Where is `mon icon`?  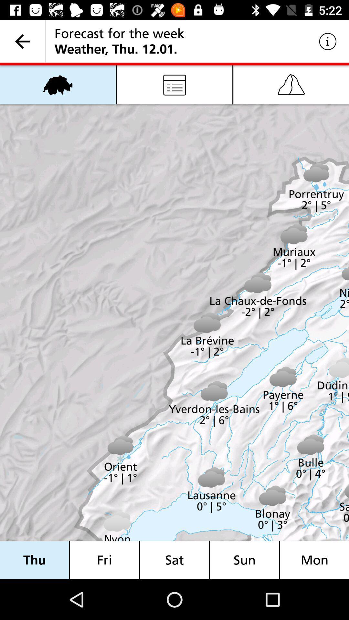 mon icon is located at coordinates (314, 560).